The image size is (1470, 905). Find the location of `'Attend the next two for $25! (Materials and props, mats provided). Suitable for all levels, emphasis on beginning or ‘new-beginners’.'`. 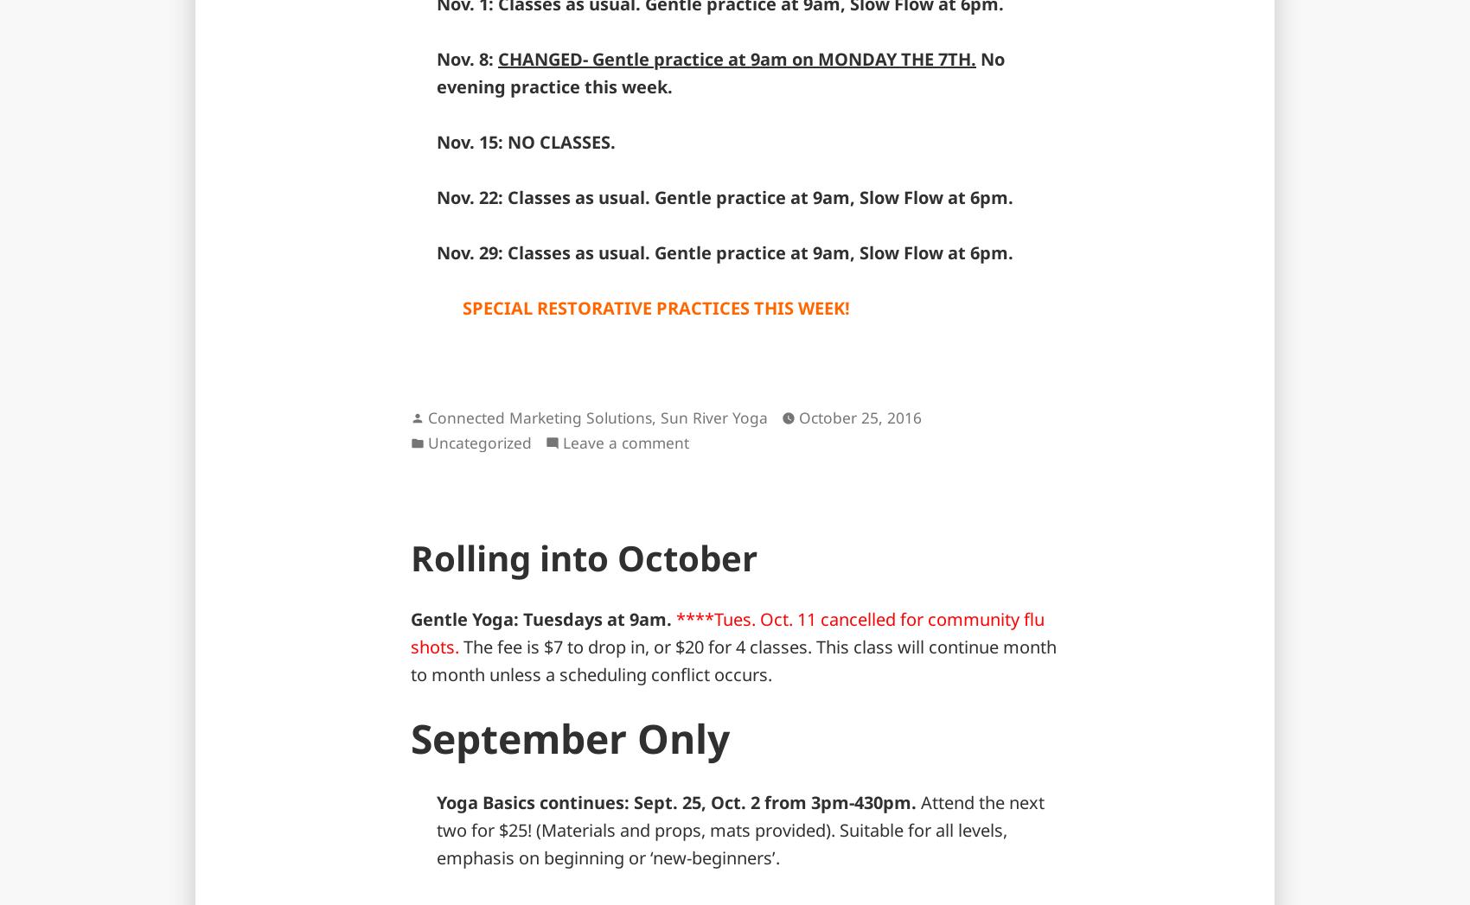

'Attend the next two for $25! (Materials and props, mats provided). Suitable for all levels, emphasis on beginning or ‘new-beginners’.' is located at coordinates (740, 828).